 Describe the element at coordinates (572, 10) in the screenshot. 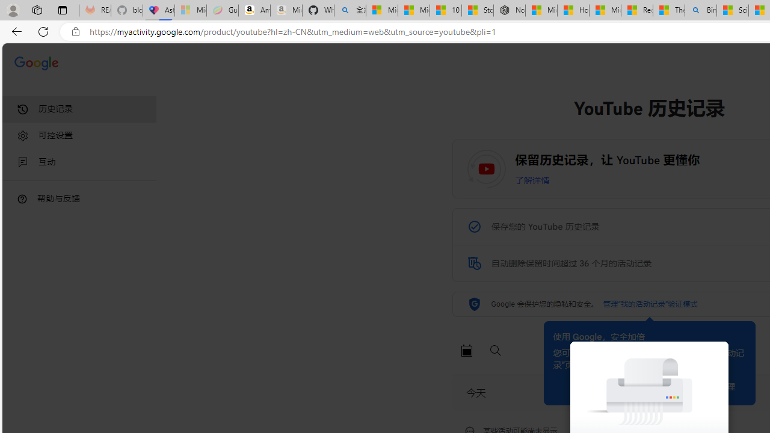

I see `'How I Got Rid of Microsoft Edge'` at that location.